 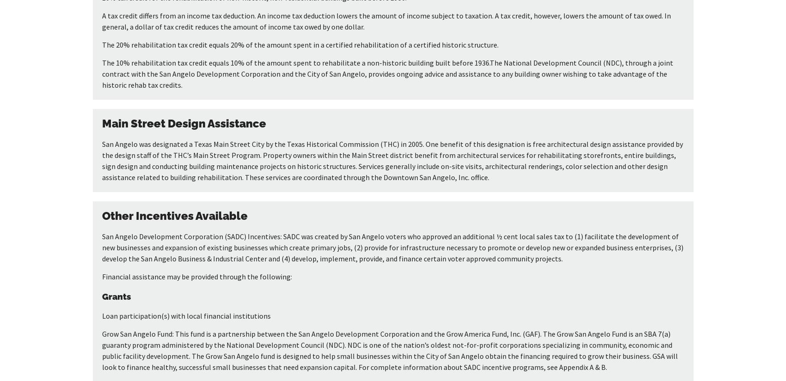 I want to click on 'Main Street Design Assistance', so click(x=101, y=123).